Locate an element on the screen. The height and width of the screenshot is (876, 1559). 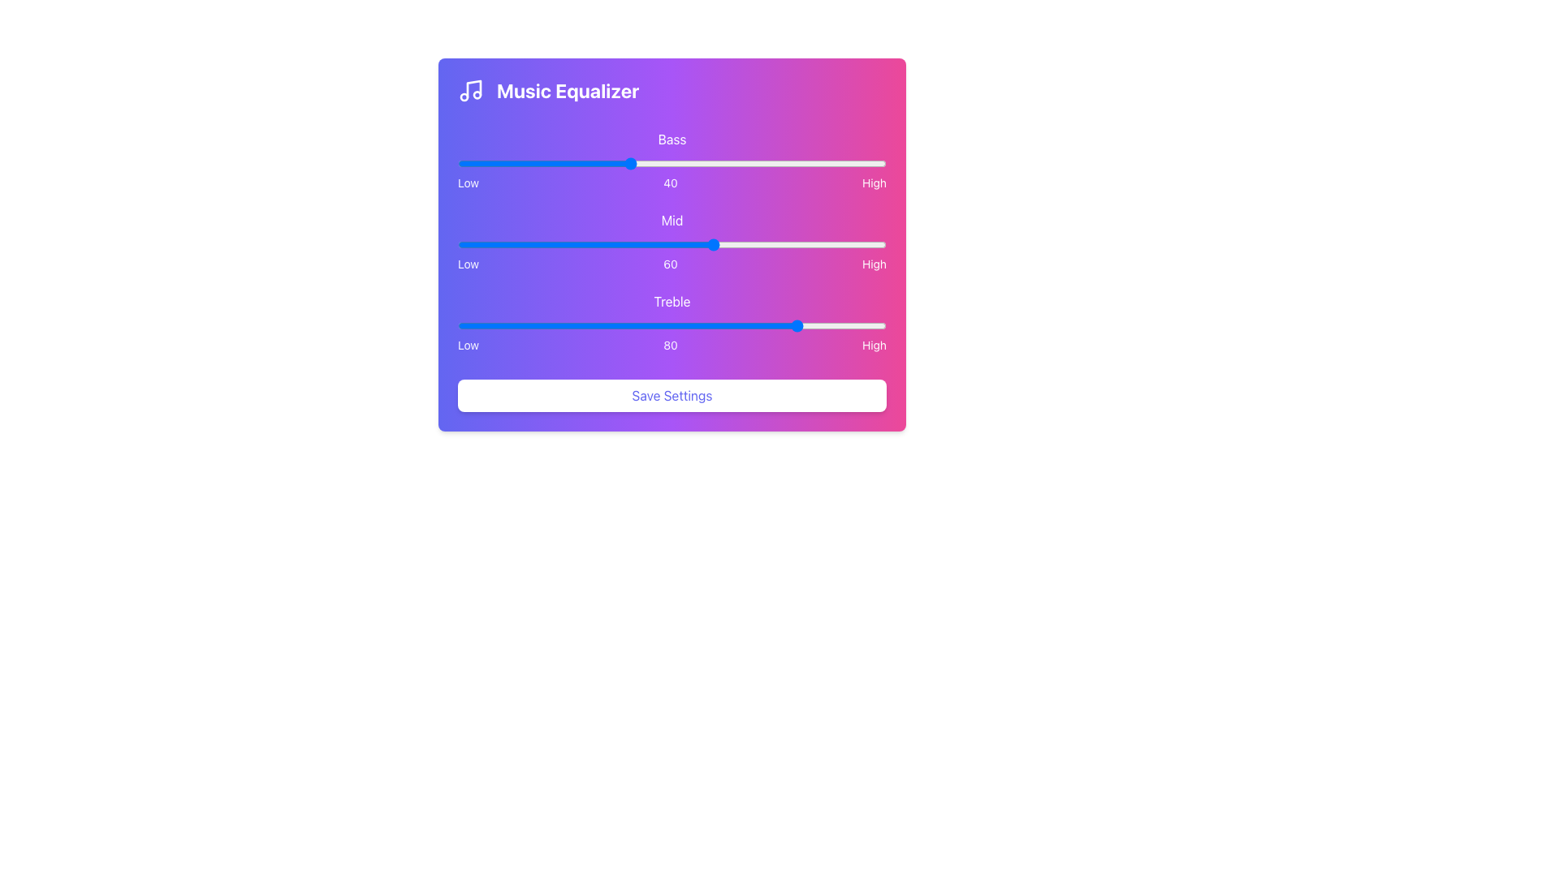
keyboard navigation is located at coordinates (672, 241).